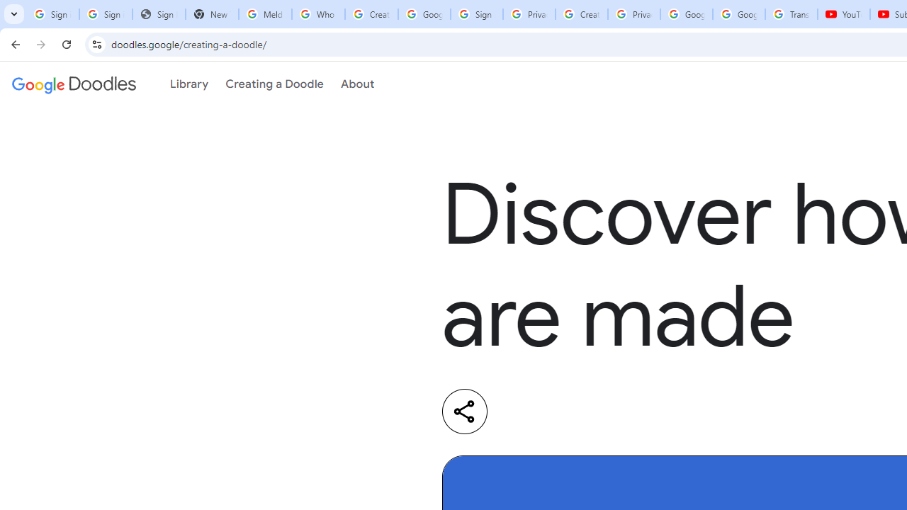  Describe the element at coordinates (465, 411) in the screenshot. I see `'Share'` at that location.